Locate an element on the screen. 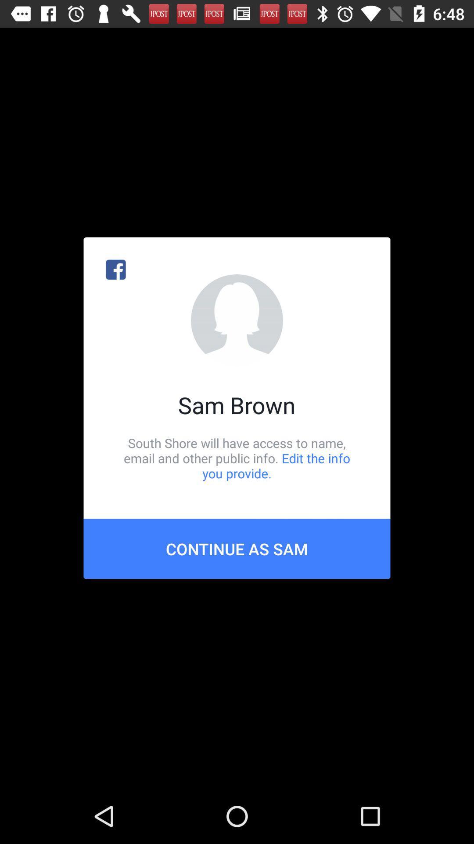 This screenshot has height=844, width=474. icon below south shore will icon is located at coordinates (237, 548).